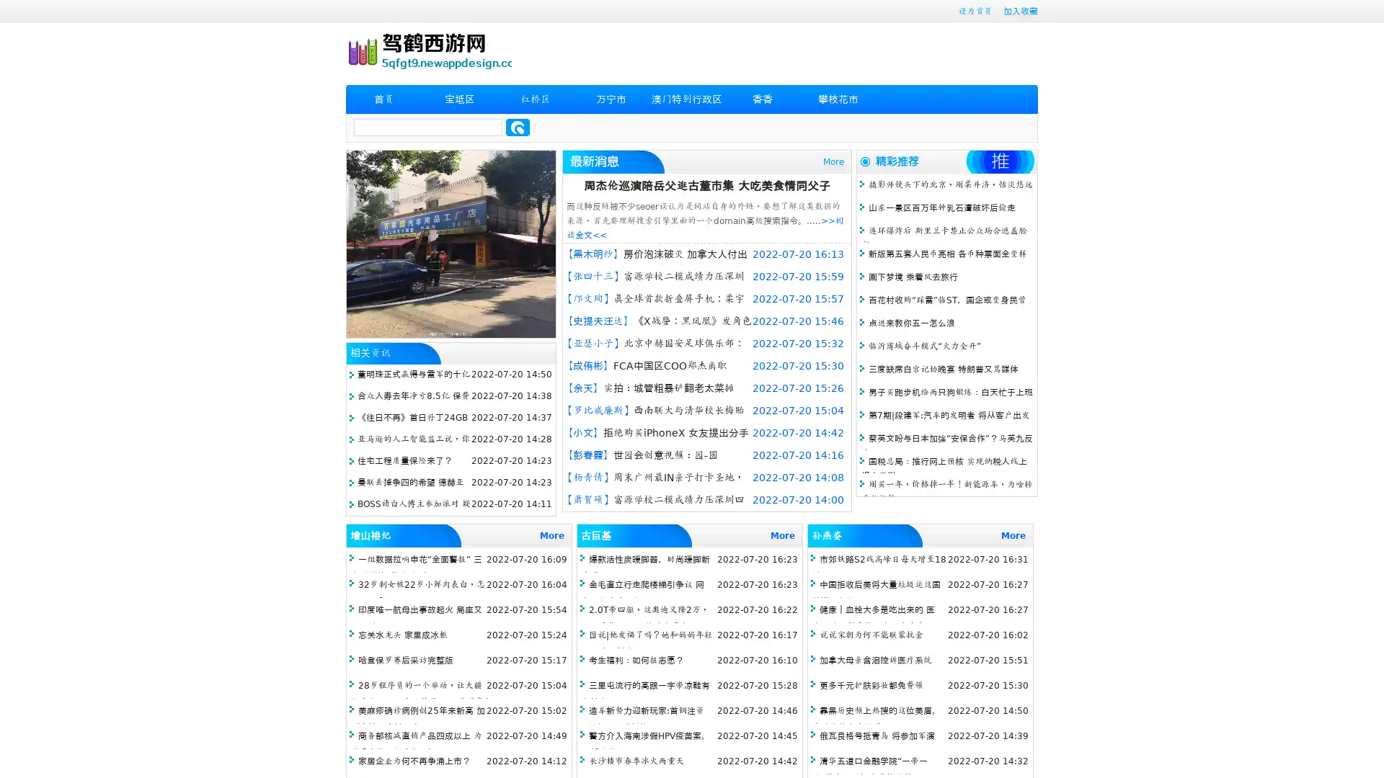  I want to click on Search, so click(518, 127).